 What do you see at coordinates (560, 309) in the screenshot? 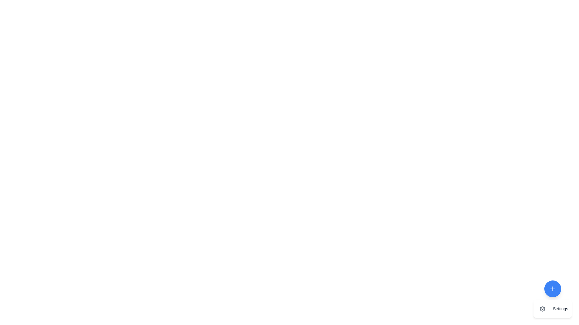
I see `the text label that provides a navigational option for accessing application settings, located to the right of the settings cog icon in the bottom-right of the interface` at bounding box center [560, 309].